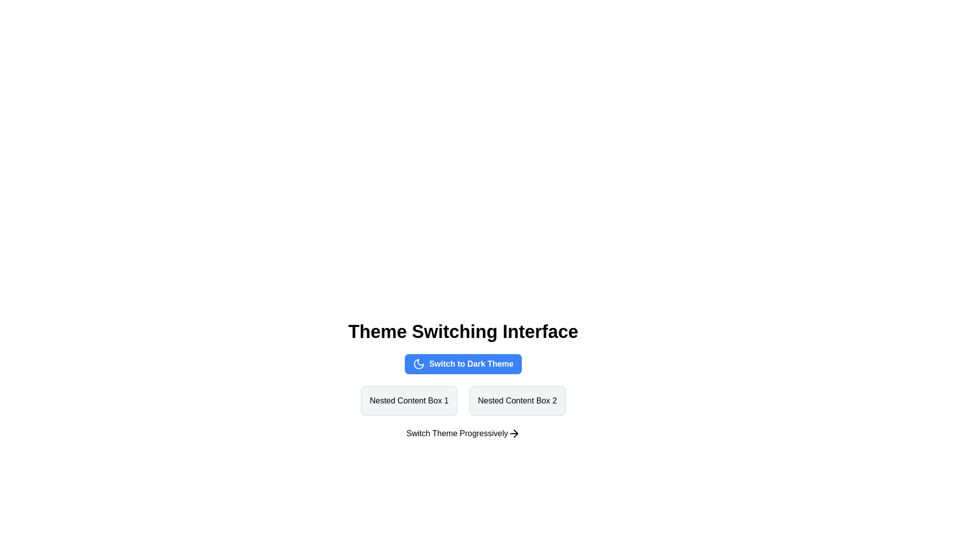 The height and width of the screenshot is (544, 968). I want to click on the dark theme switch icon located within the blue button labeled 'Switch to Dark Theme', positioned to the left of the text, so click(419, 364).